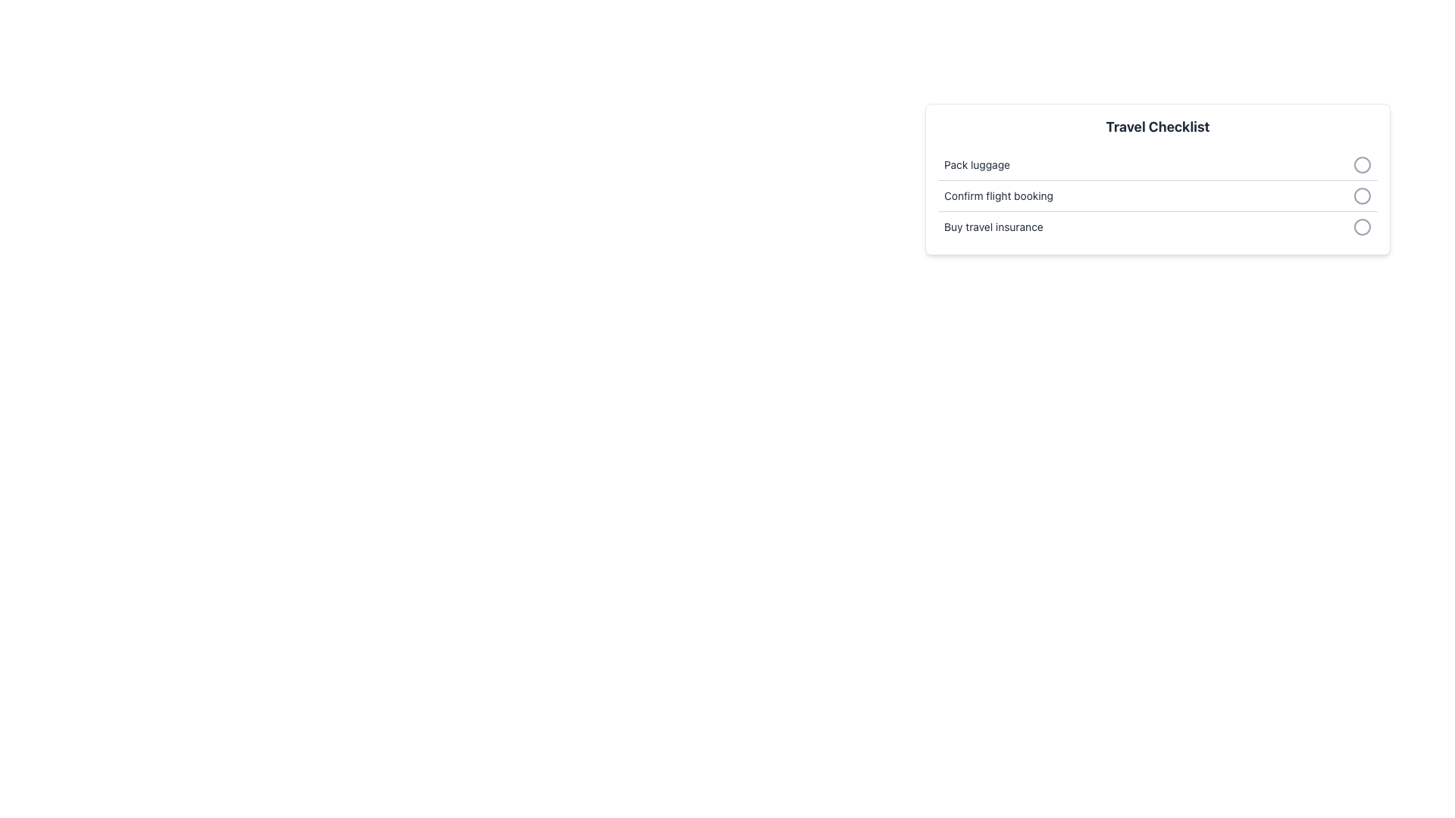  I want to click on the radio button for 'Buy travel insurance' in the 'Travel Checklist', which is the third item in the vertical list, so click(1363, 227).